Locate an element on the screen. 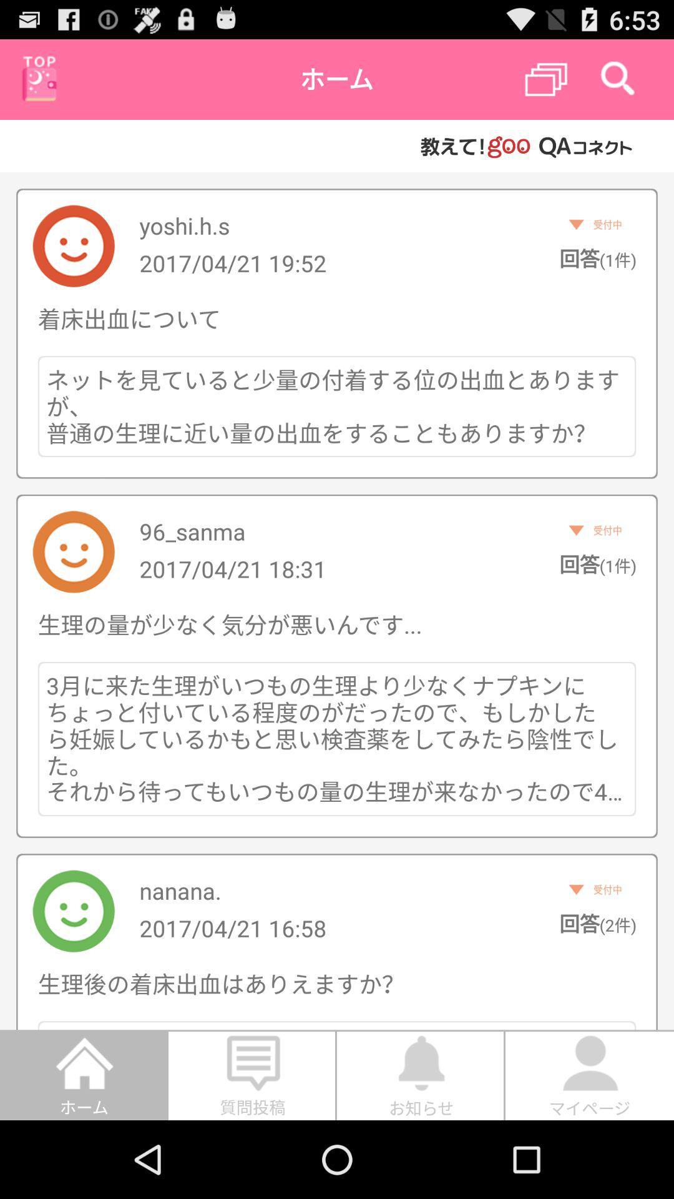 The image size is (674, 1199). the icon above the 2017 04 21 icon is located at coordinates (192, 531).